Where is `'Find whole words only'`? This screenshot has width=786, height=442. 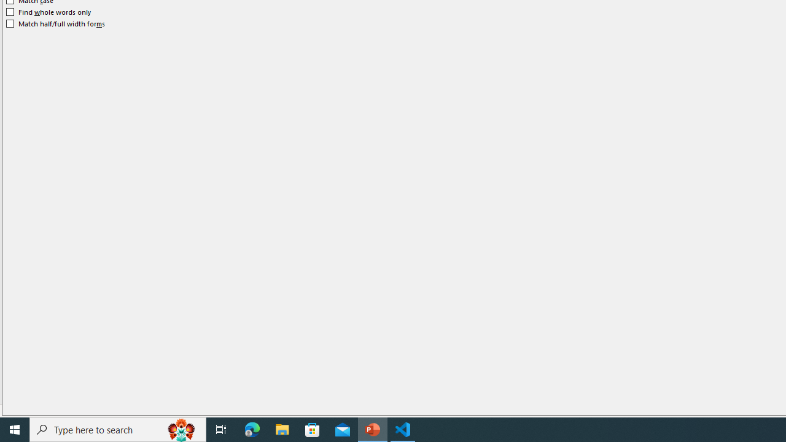 'Find whole words only' is located at coordinates (49, 12).